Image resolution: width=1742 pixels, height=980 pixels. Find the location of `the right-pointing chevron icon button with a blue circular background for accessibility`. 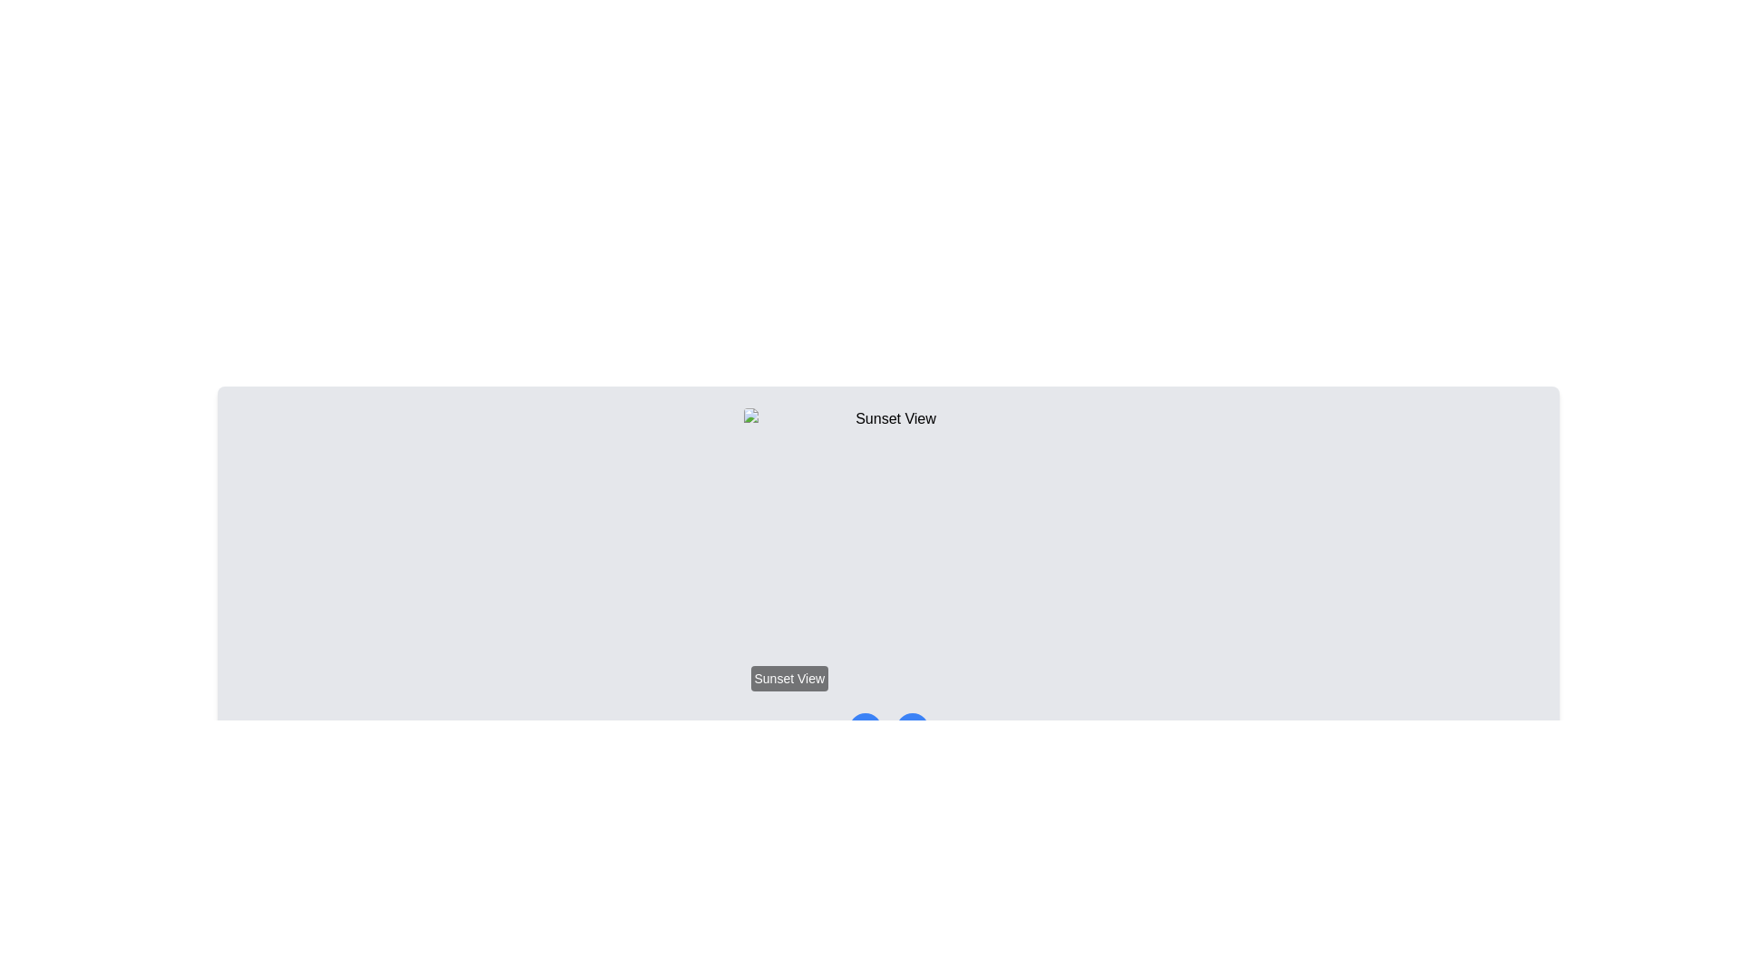

the right-pointing chevron icon button with a blue circular background for accessibility is located at coordinates (912, 728).